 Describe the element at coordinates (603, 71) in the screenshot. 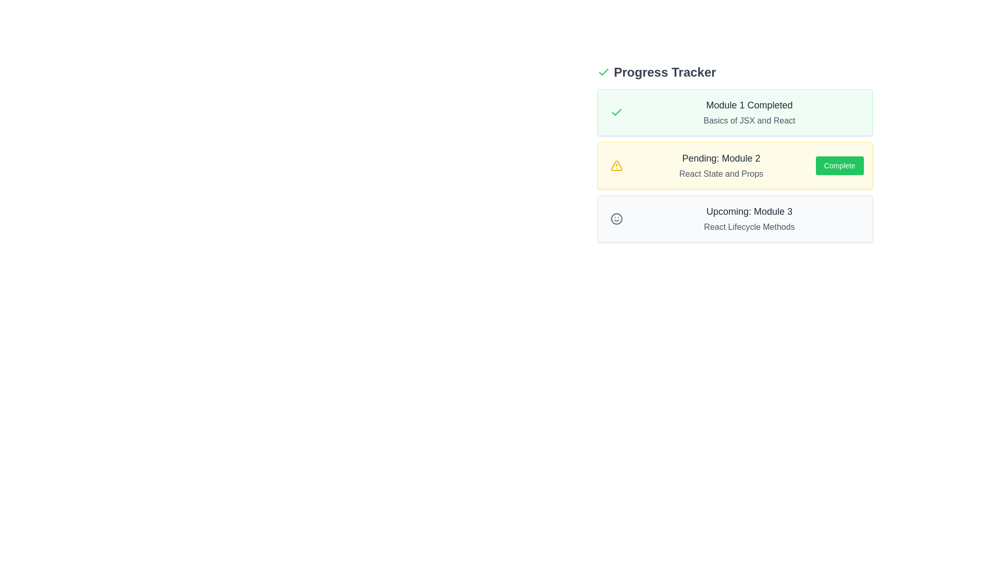

I see `the completion icon for 'Module 1 Completed' in the vertical progress tracker, which is styled with a light green background` at that location.